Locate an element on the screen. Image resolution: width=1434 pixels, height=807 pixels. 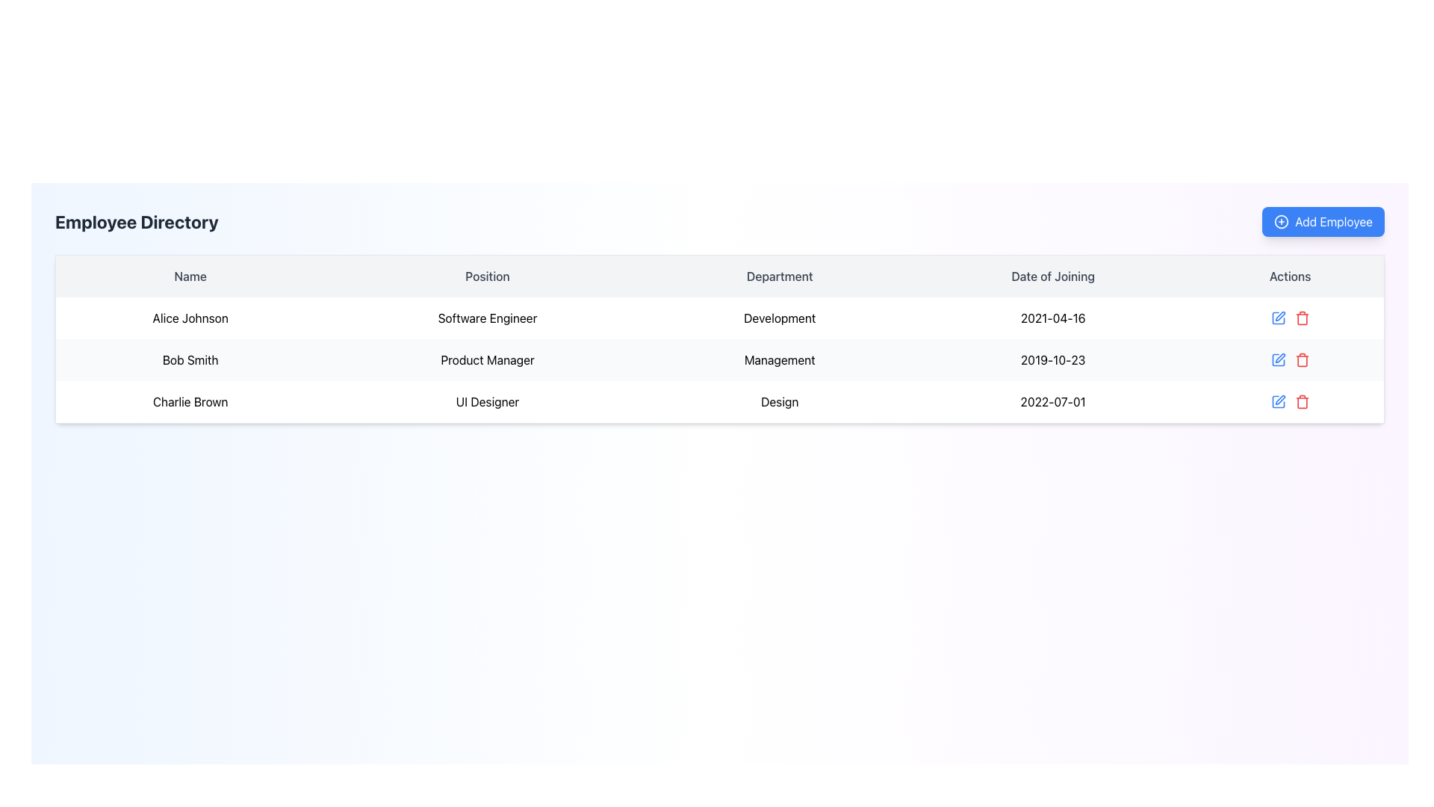
the trash icon in the actions column for the user entry labeled 'Bob Smith' is located at coordinates (1289, 360).